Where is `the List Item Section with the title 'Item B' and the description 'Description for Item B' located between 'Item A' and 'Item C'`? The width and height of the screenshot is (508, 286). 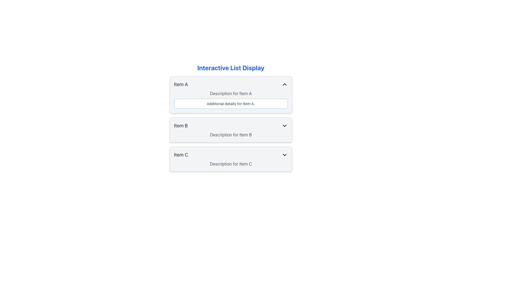
the List Item Section with the title 'Item B' and the description 'Description for Item B' located between 'Item A' and 'Item C' is located at coordinates (231, 130).